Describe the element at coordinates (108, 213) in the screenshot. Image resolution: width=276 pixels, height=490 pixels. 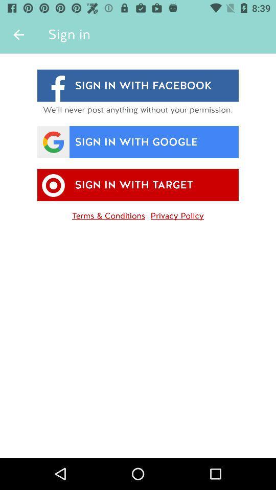
I see `icon below sign in with` at that location.